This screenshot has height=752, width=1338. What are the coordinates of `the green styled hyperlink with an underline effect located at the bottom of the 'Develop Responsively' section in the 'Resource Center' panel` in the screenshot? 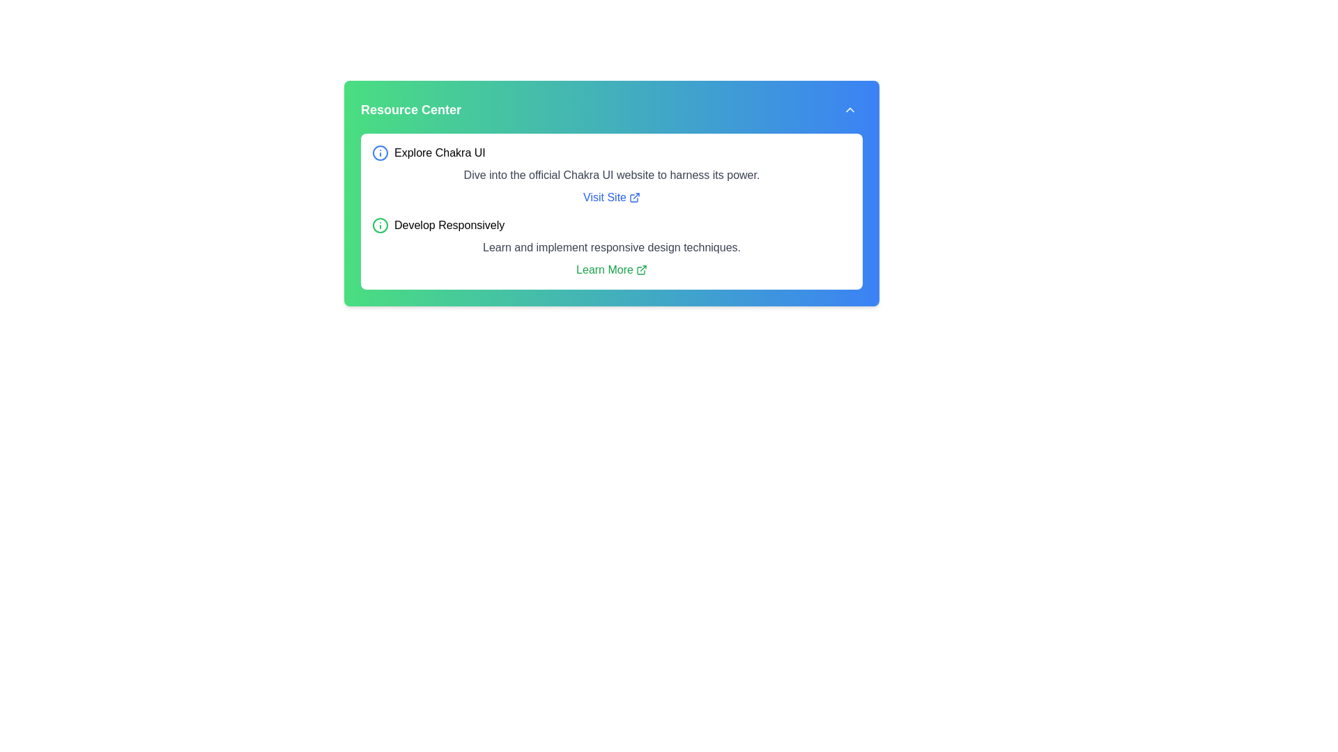 It's located at (611, 270).